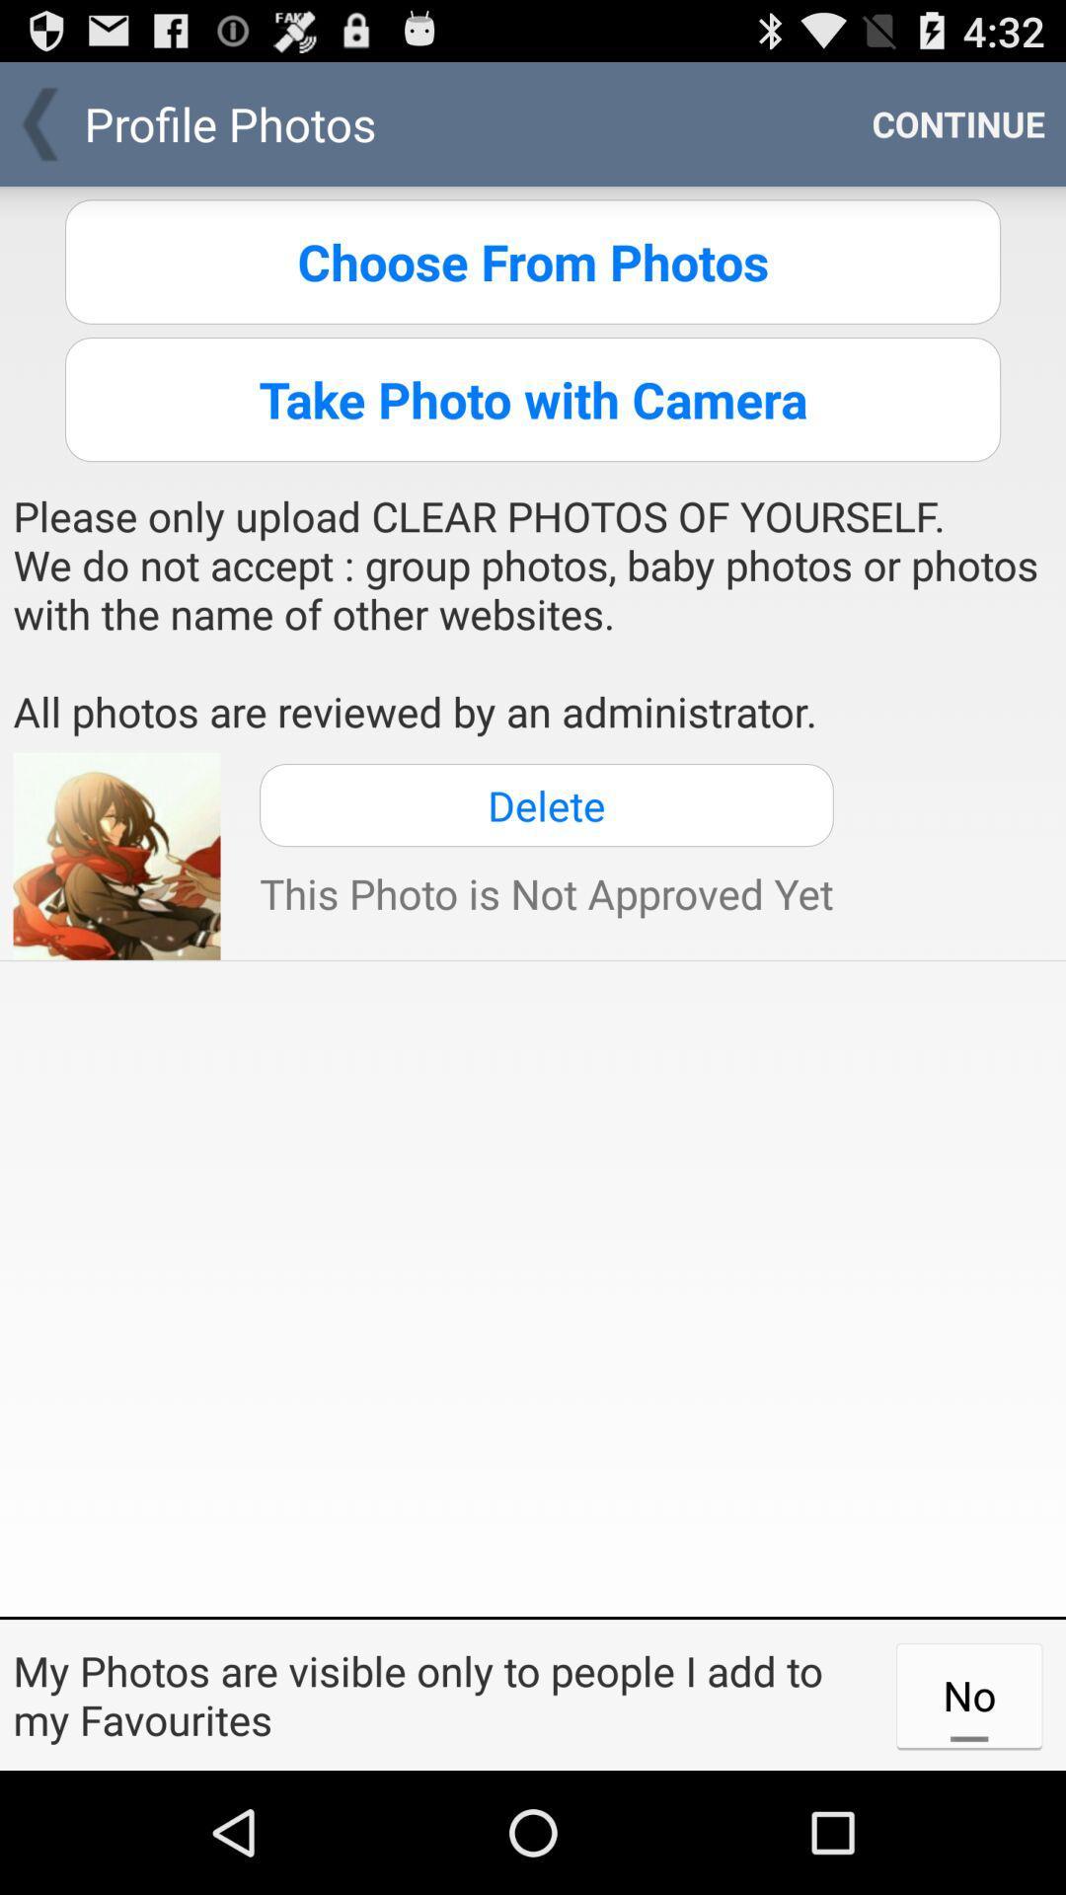 This screenshot has width=1066, height=1895. Describe the element at coordinates (957, 122) in the screenshot. I see `the continue icon` at that location.